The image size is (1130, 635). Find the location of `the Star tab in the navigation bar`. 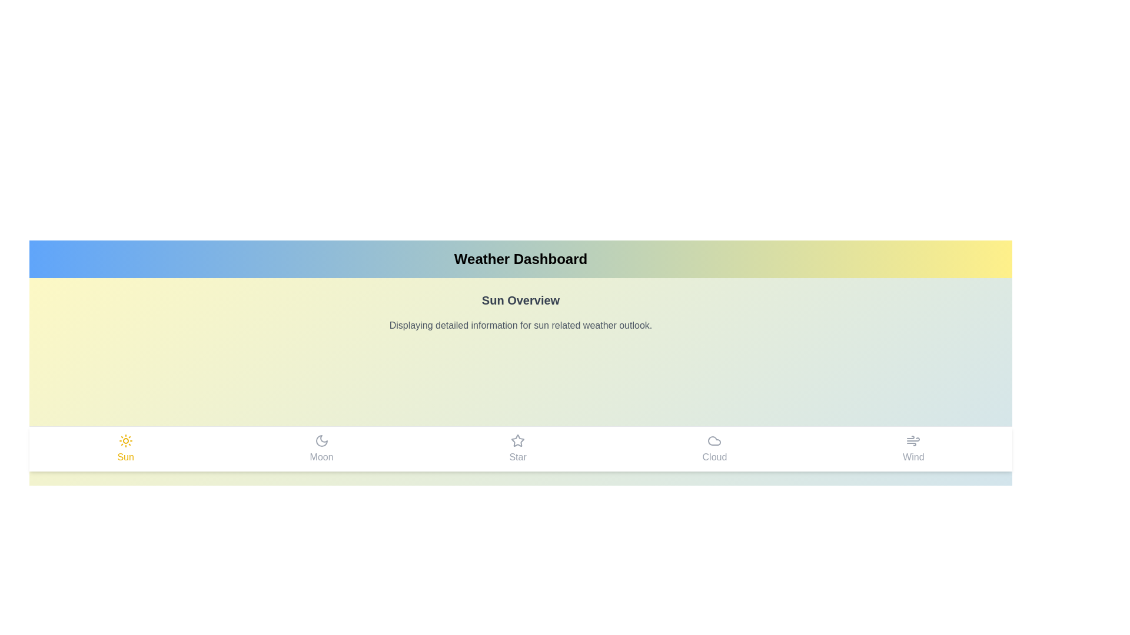

the Star tab in the navigation bar is located at coordinates (518, 449).